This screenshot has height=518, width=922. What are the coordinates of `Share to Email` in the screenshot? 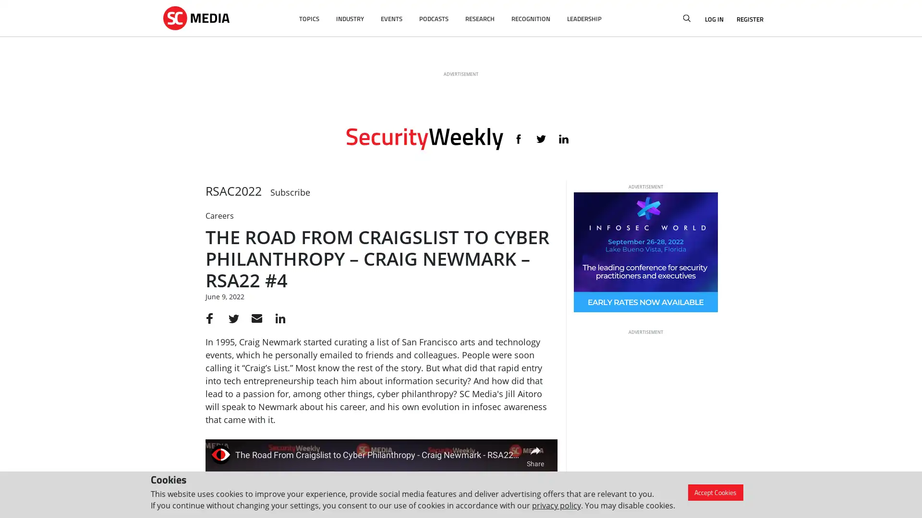 It's located at (254, 318).